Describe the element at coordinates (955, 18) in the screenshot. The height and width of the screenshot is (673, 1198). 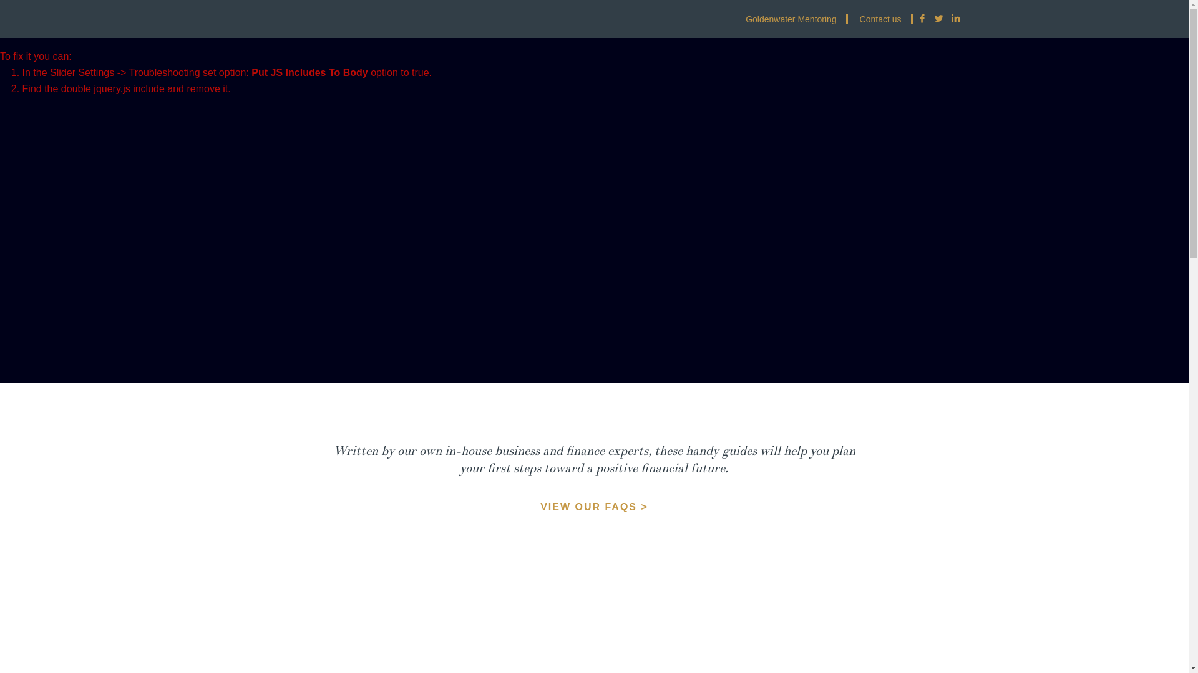
I see `'LinkedIn'` at that location.